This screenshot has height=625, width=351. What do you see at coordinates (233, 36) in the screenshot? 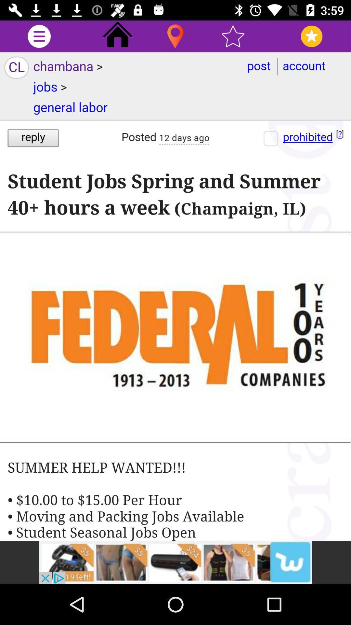
I see `the star icon` at bounding box center [233, 36].